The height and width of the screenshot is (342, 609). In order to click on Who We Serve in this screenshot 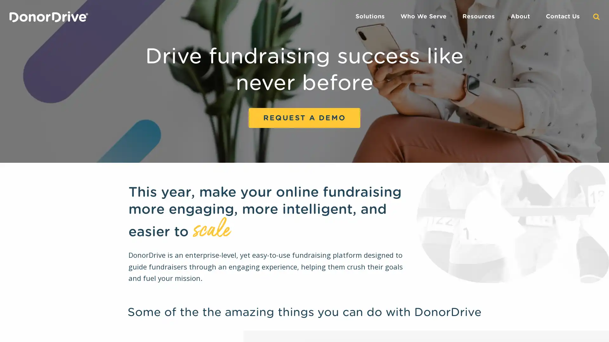, I will do `click(423, 16)`.